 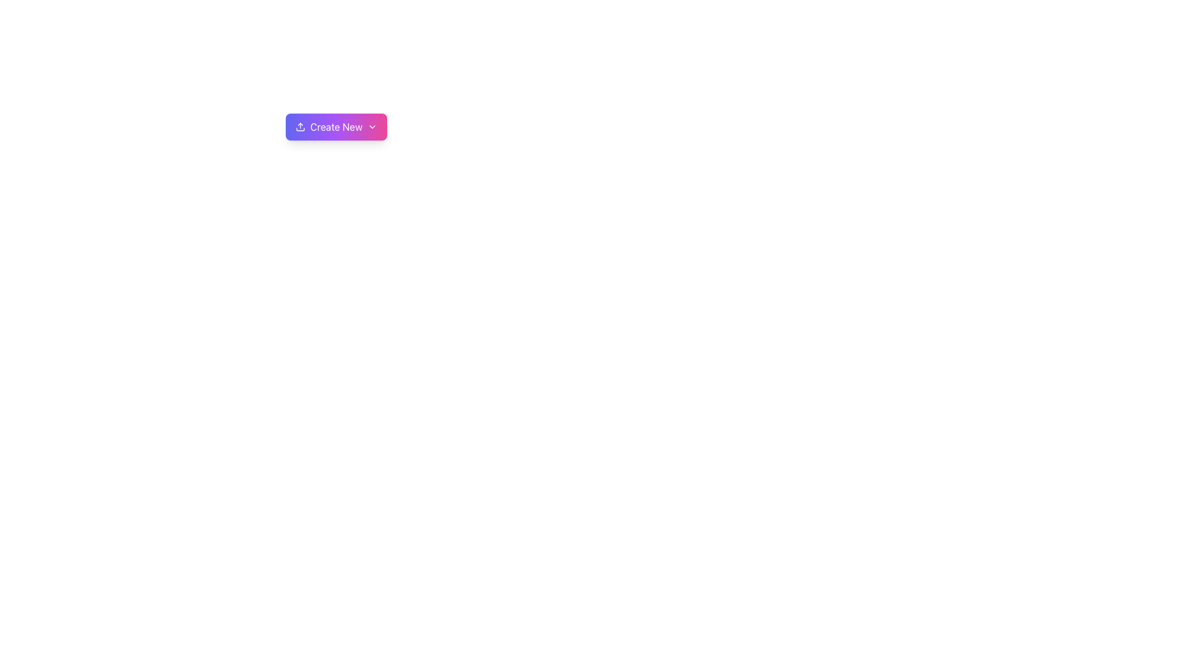 What do you see at coordinates (336, 127) in the screenshot?
I see `text content of the 'Create New' text component, which is centrally aligned within a gradient button transitioning from blue to purple to pink` at bounding box center [336, 127].